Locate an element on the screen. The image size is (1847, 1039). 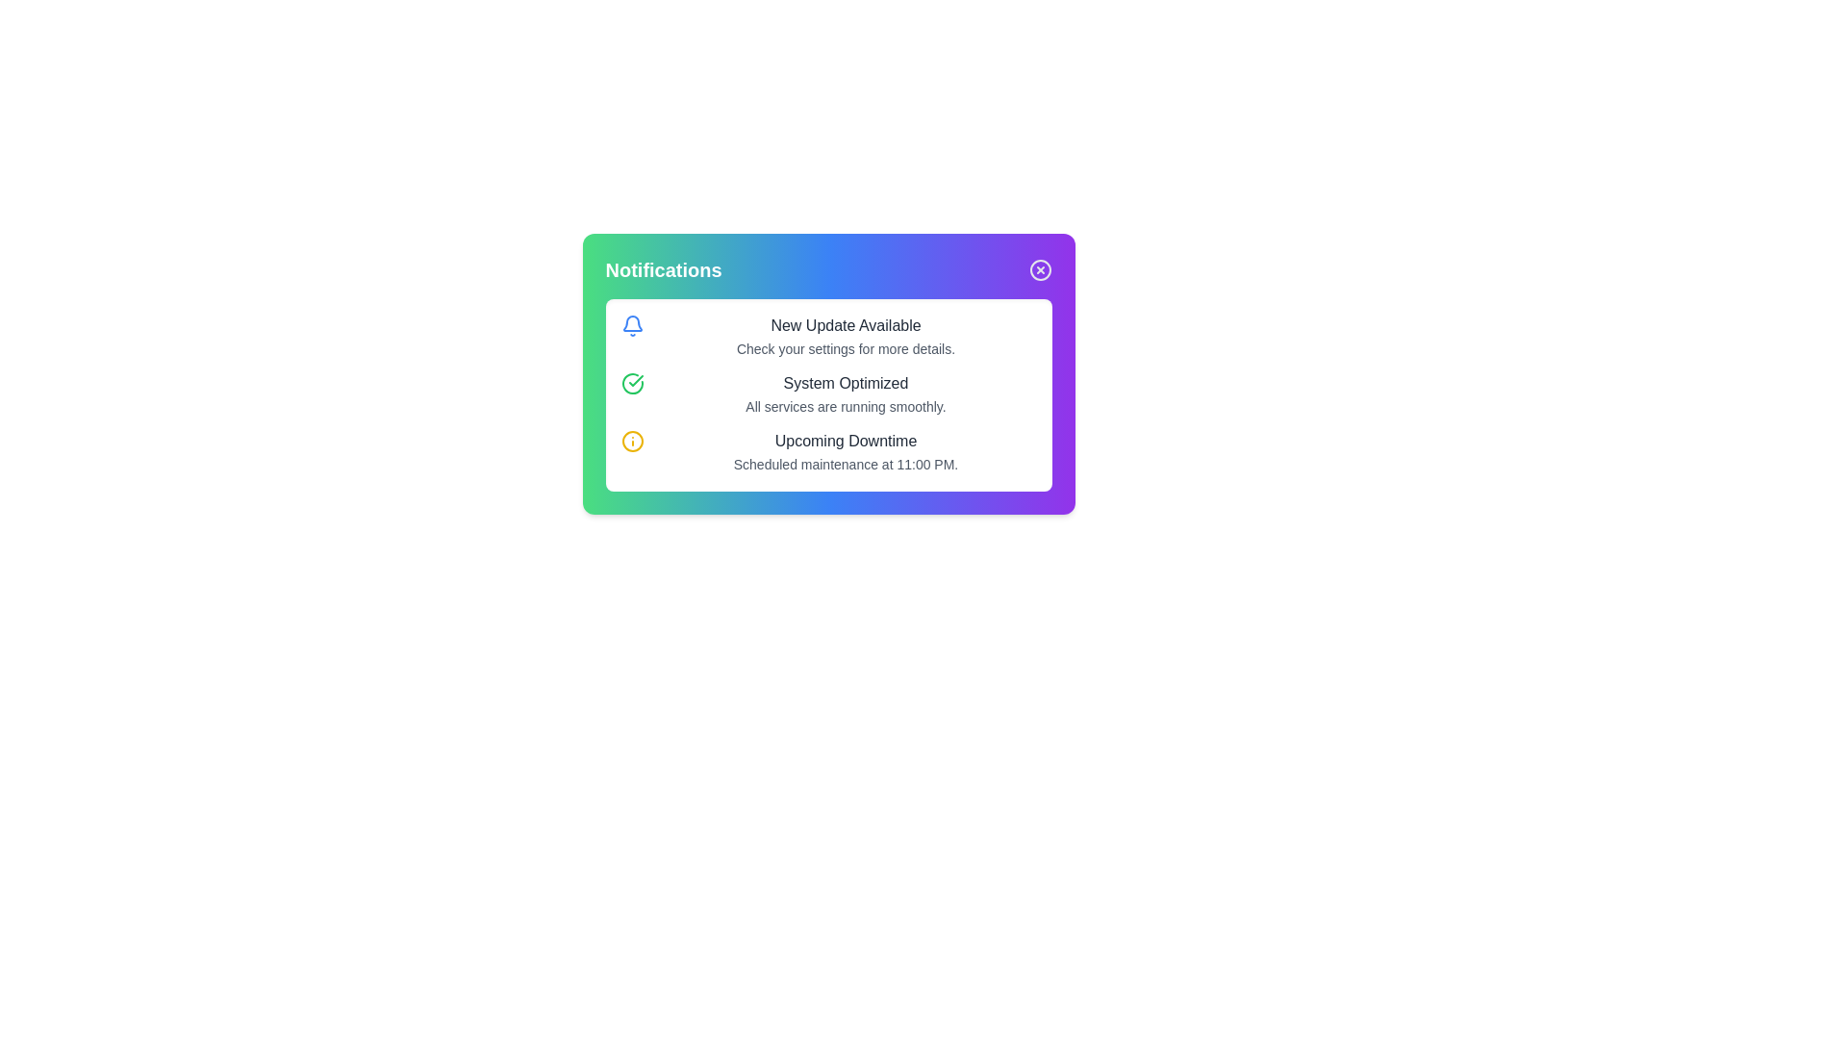
the circular shape with a yellow border and white inner fill located at the center of the notification icon in the notification panel is located at coordinates (632, 442).